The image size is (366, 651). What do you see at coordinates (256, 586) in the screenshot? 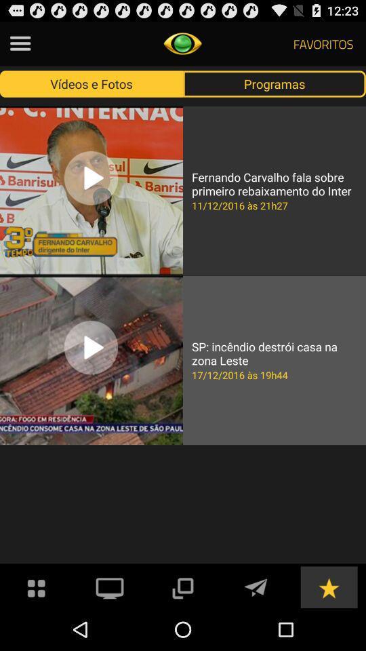
I see `telegram app icon` at bounding box center [256, 586].